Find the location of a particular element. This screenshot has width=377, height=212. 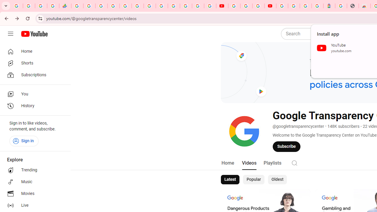

'Oldest' is located at coordinates (277, 179).